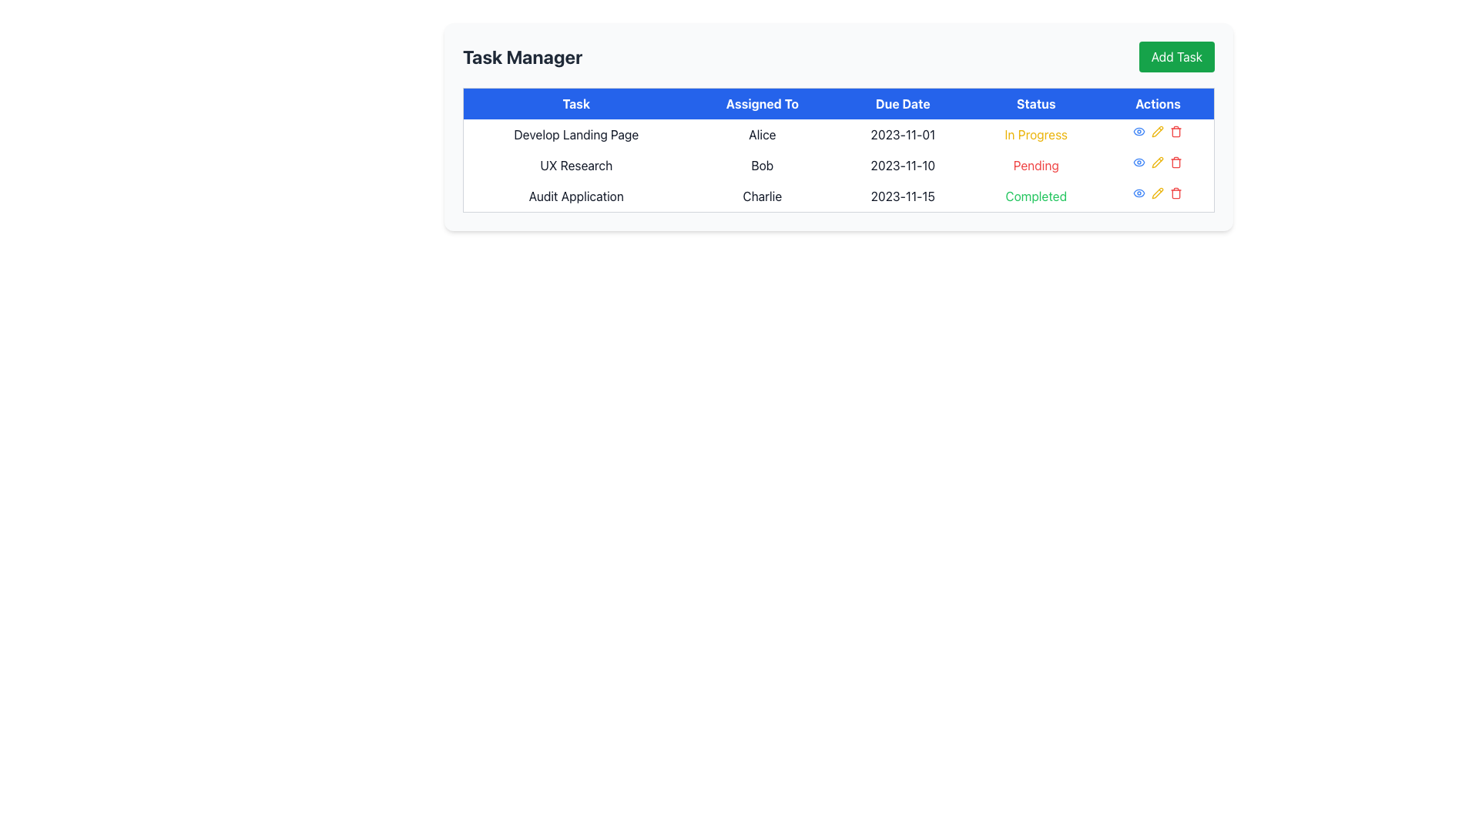  Describe the element at coordinates (838, 133) in the screenshot. I see `the first row of the task management table that contains the task 'Develop Landing Page'` at that location.